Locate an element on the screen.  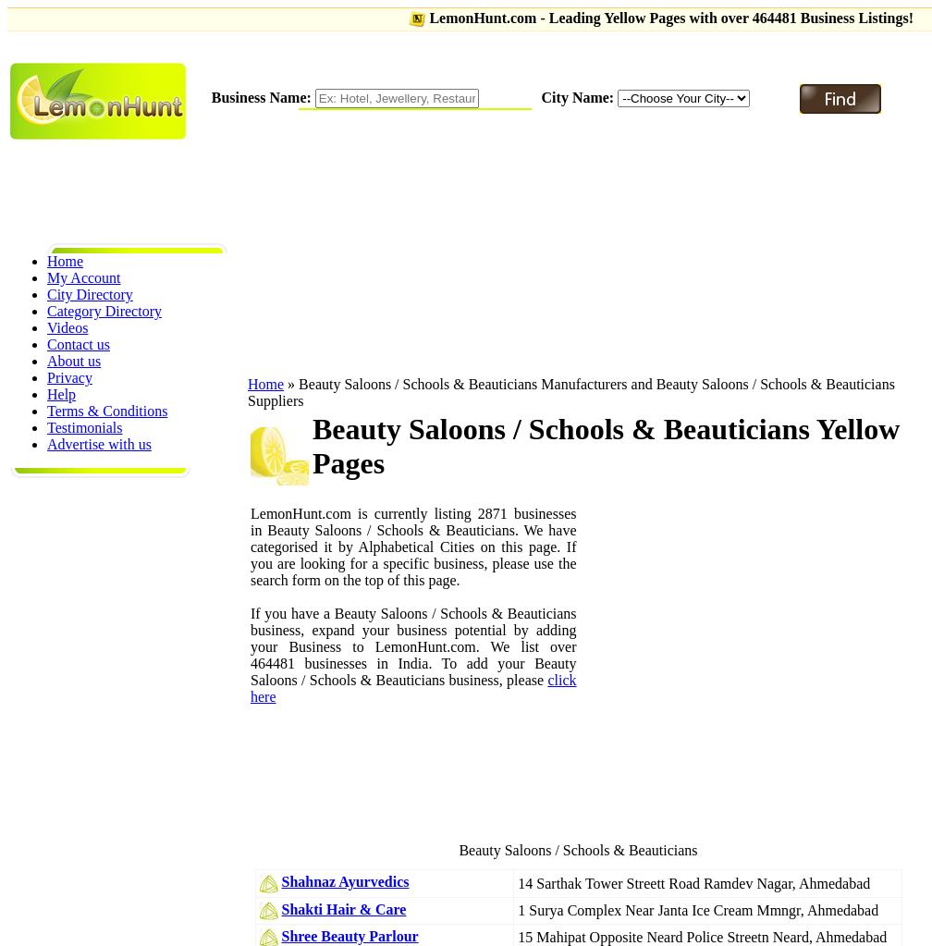
'Videos' is located at coordinates (47, 327).